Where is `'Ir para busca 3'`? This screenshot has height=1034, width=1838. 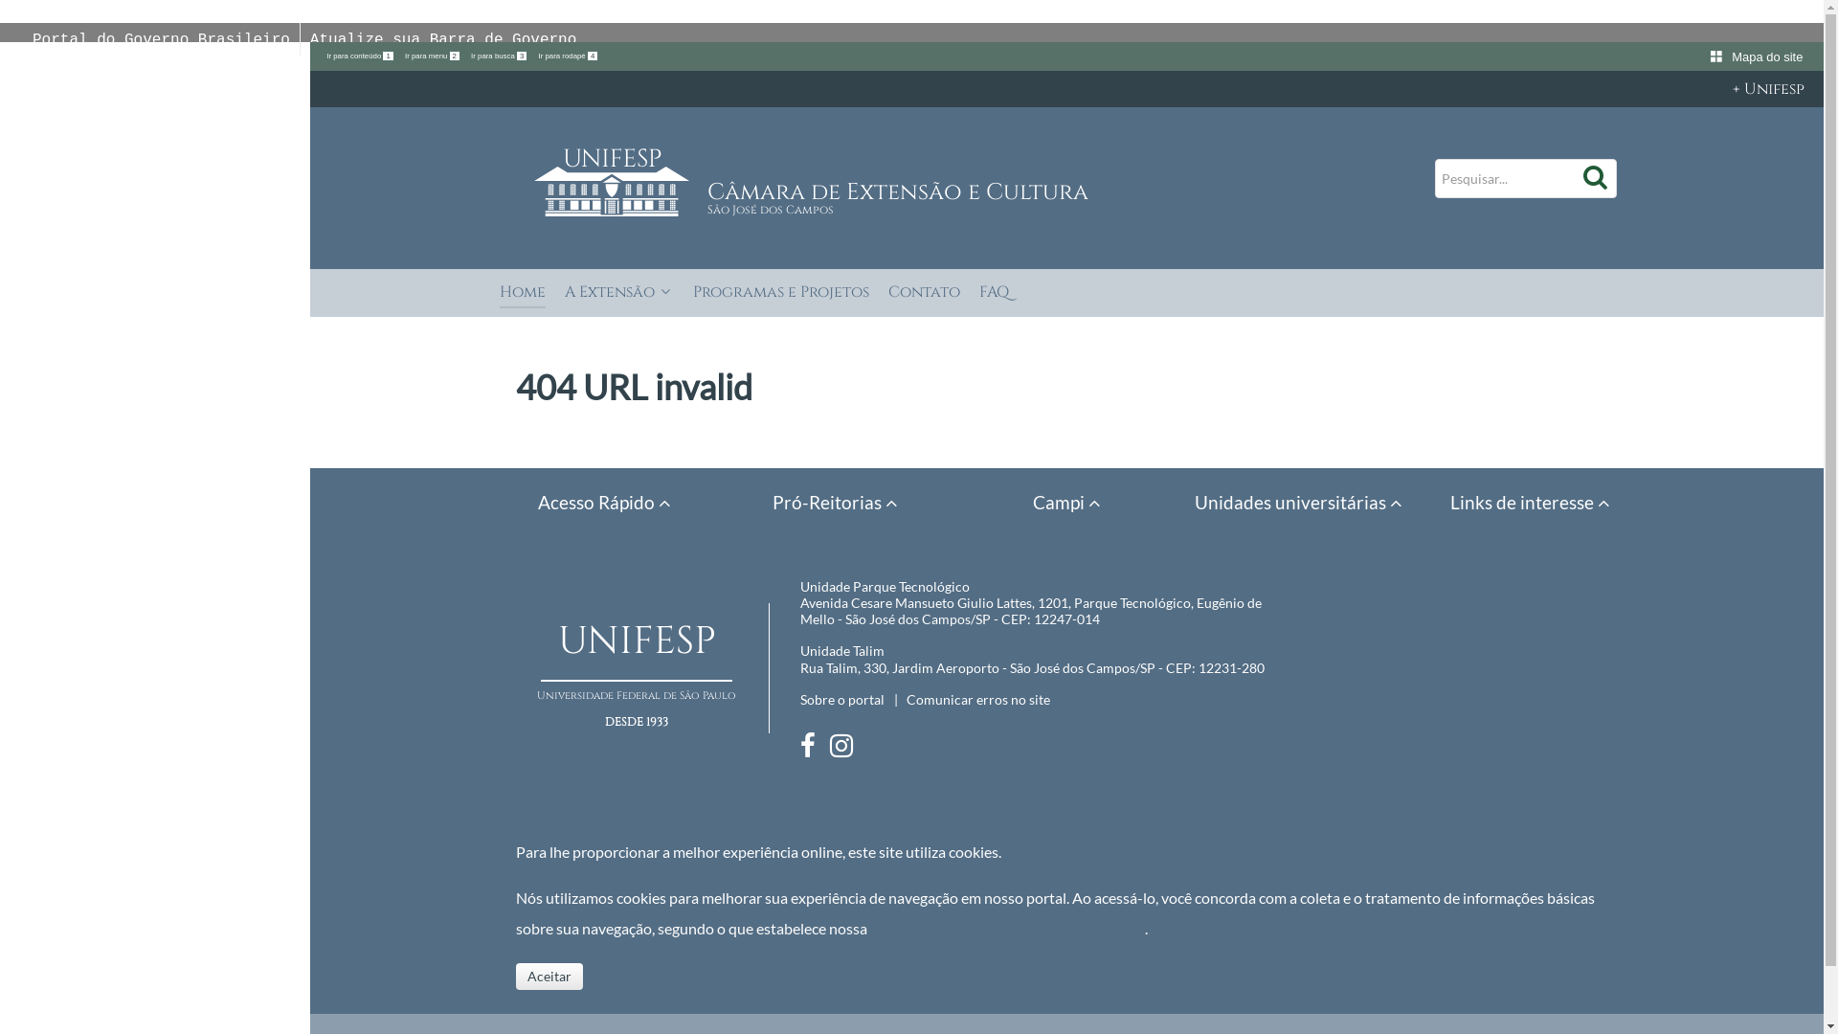 'Ir para busca 3' is located at coordinates (500, 55).